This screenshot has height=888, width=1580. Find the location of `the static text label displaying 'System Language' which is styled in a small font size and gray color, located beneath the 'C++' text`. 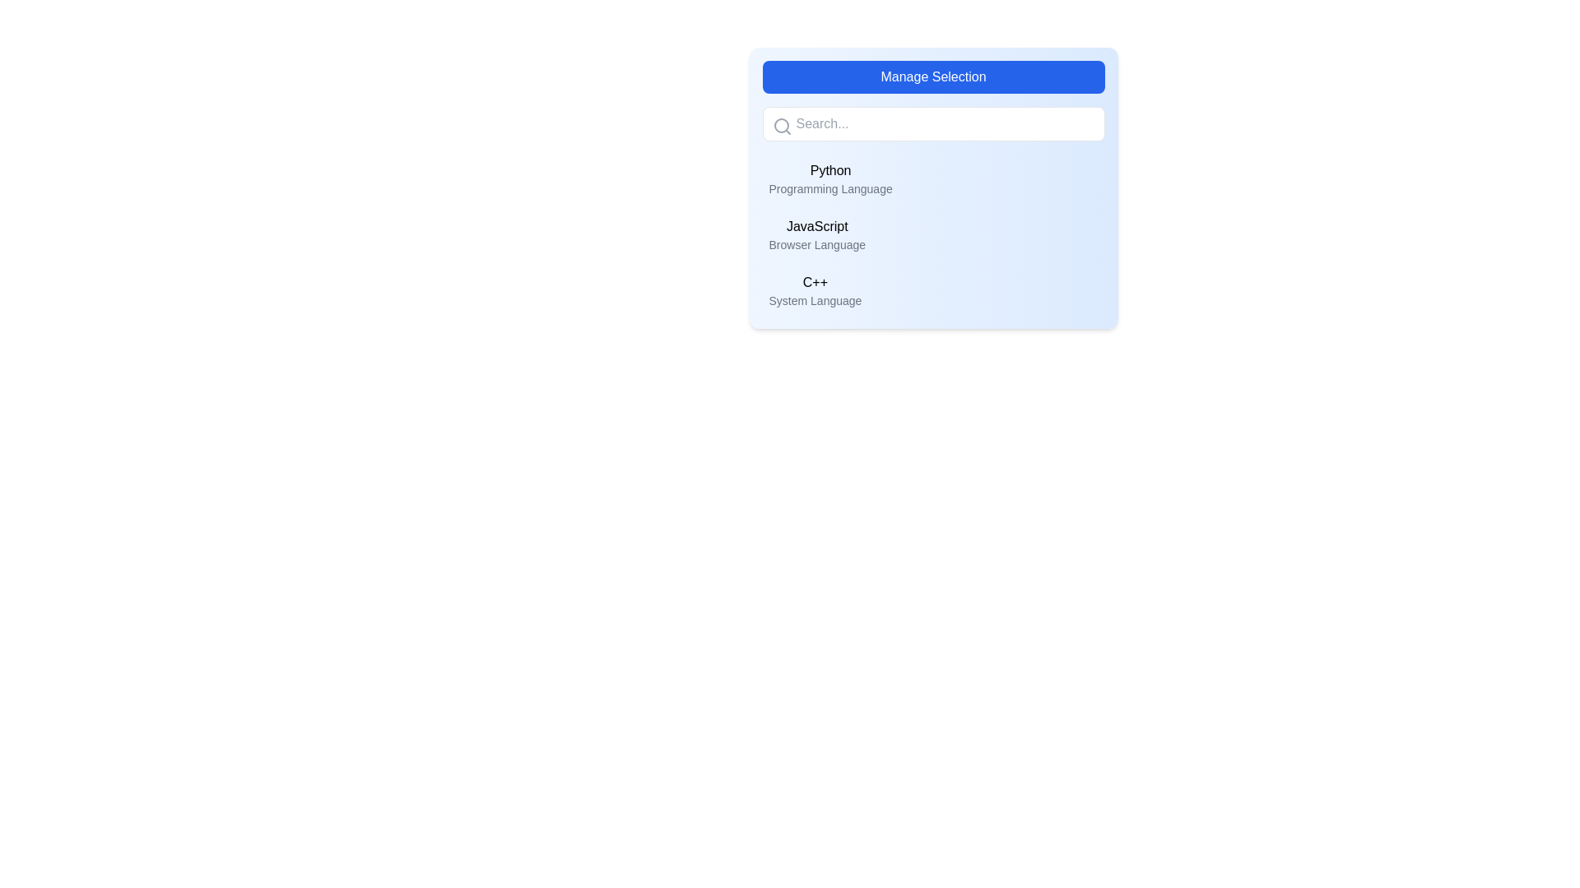

the static text label displaying 'System Language' which is styled in a small font size and gray color, located beneath the 'C++' text is located at coordinates (815, 301).